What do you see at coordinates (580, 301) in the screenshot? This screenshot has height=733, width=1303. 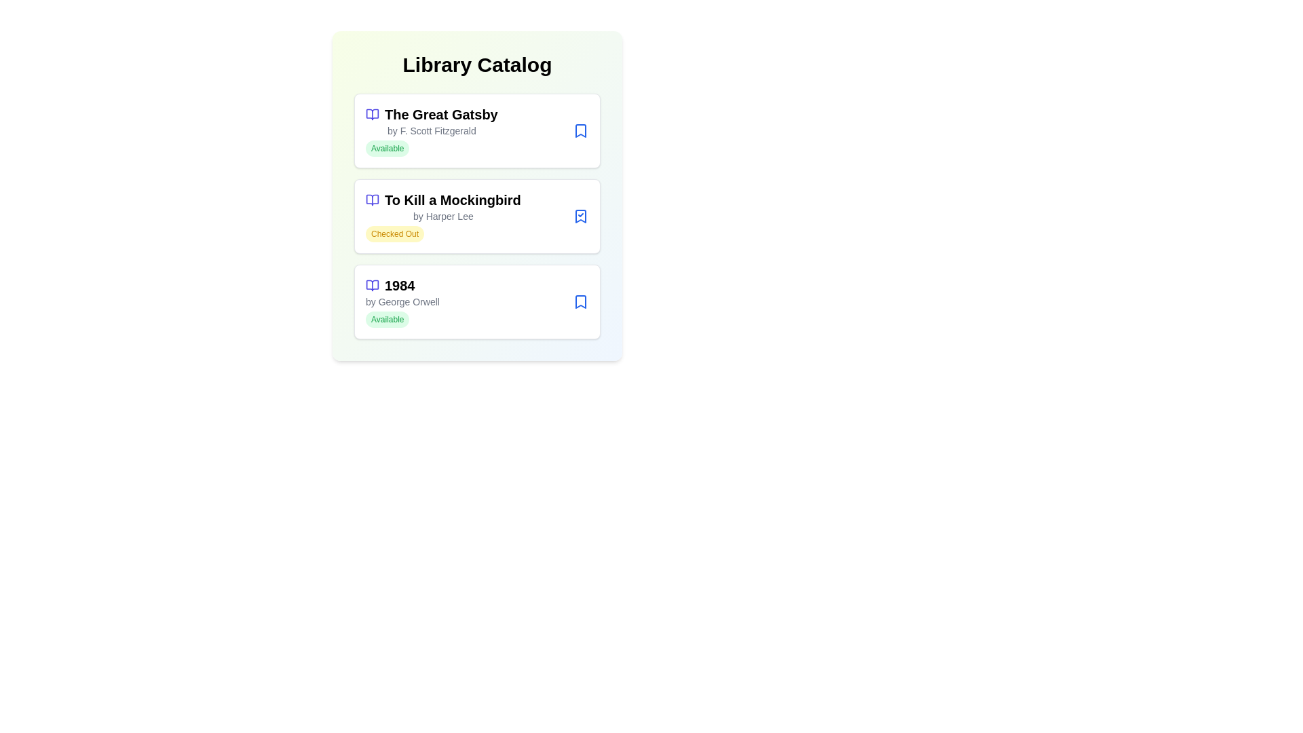 I see `the status button of a book to toggle its availability. Specify the book title as 1984` at bounding box center [580, 301].